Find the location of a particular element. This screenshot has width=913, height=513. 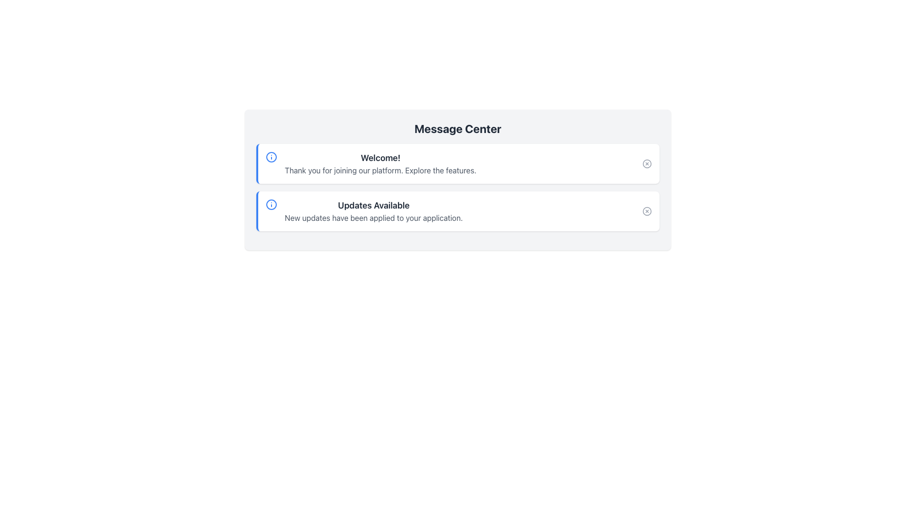

prominent header text that welcomes the user to the platform, located at the center of the upper section of the 'Message Center' interface is located at coordinates (380, 157).